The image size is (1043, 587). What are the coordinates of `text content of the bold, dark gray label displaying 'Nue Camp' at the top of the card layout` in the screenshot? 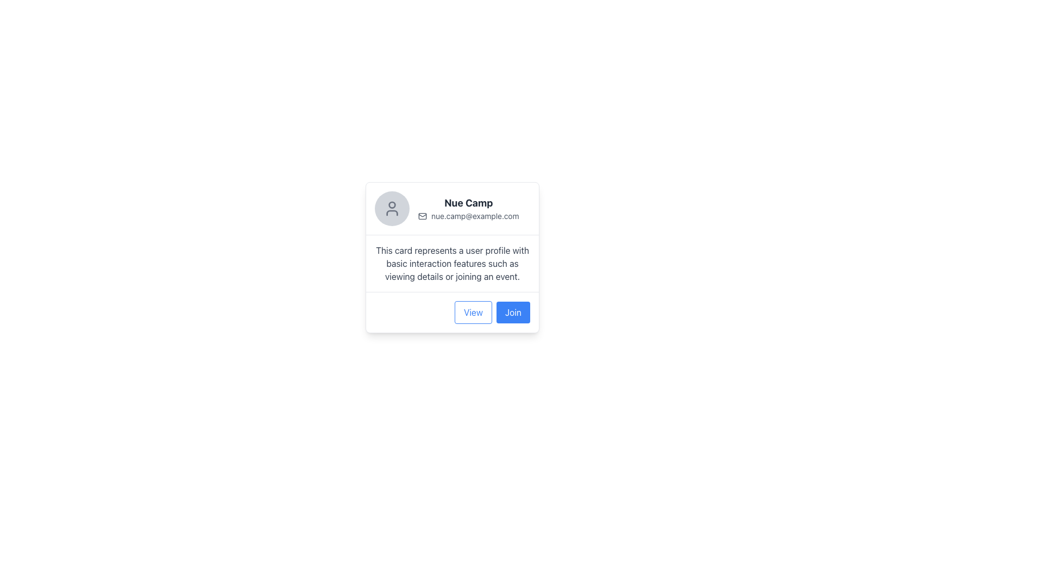 It's located at (468, 203).